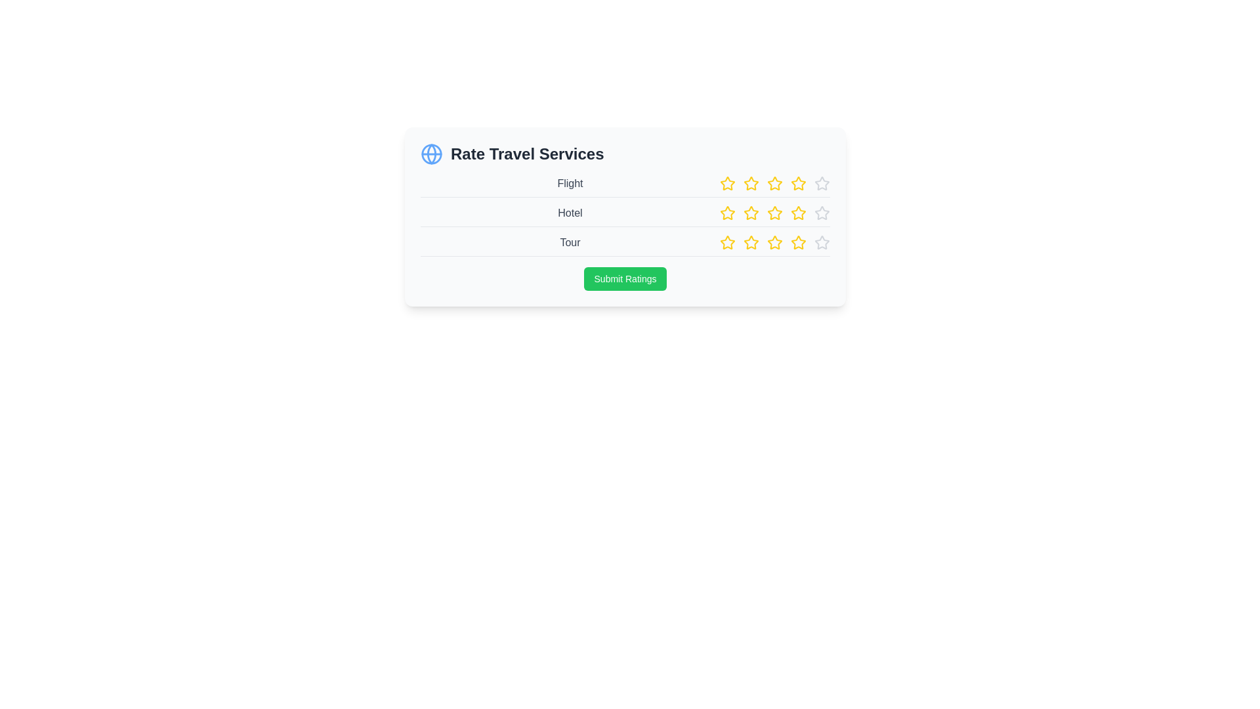 The height and width of the screenshot is (709, 1260). Describe the element at coordinates (726, 212) in the screenshot. I see `the third star icon in the rating input method for the 'Hotel' section` at that location.